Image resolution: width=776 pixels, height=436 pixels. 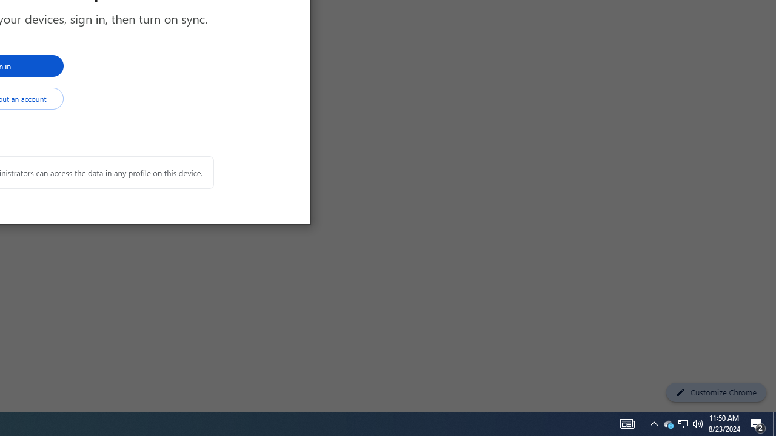 What do you see at coordinates (654, 423) in the screenshot?
I see `'Notification Chevron'` at bounding box center [654, 423].